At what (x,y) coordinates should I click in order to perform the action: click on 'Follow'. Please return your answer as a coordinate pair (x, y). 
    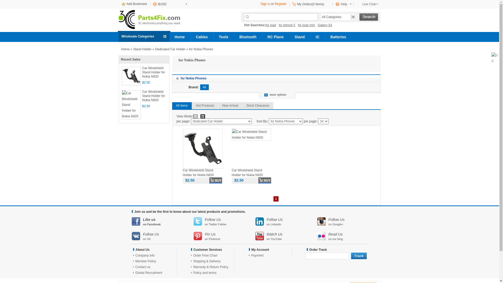
    Looking at the image, I should click on (222, 224).